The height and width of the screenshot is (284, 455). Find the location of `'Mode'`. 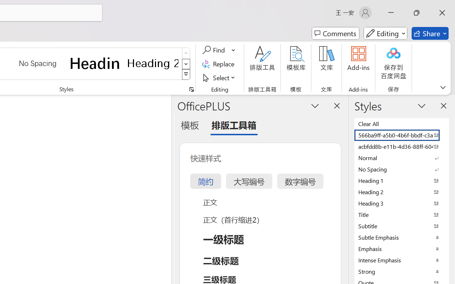

'Mode' is located at coordinates (385, 33).